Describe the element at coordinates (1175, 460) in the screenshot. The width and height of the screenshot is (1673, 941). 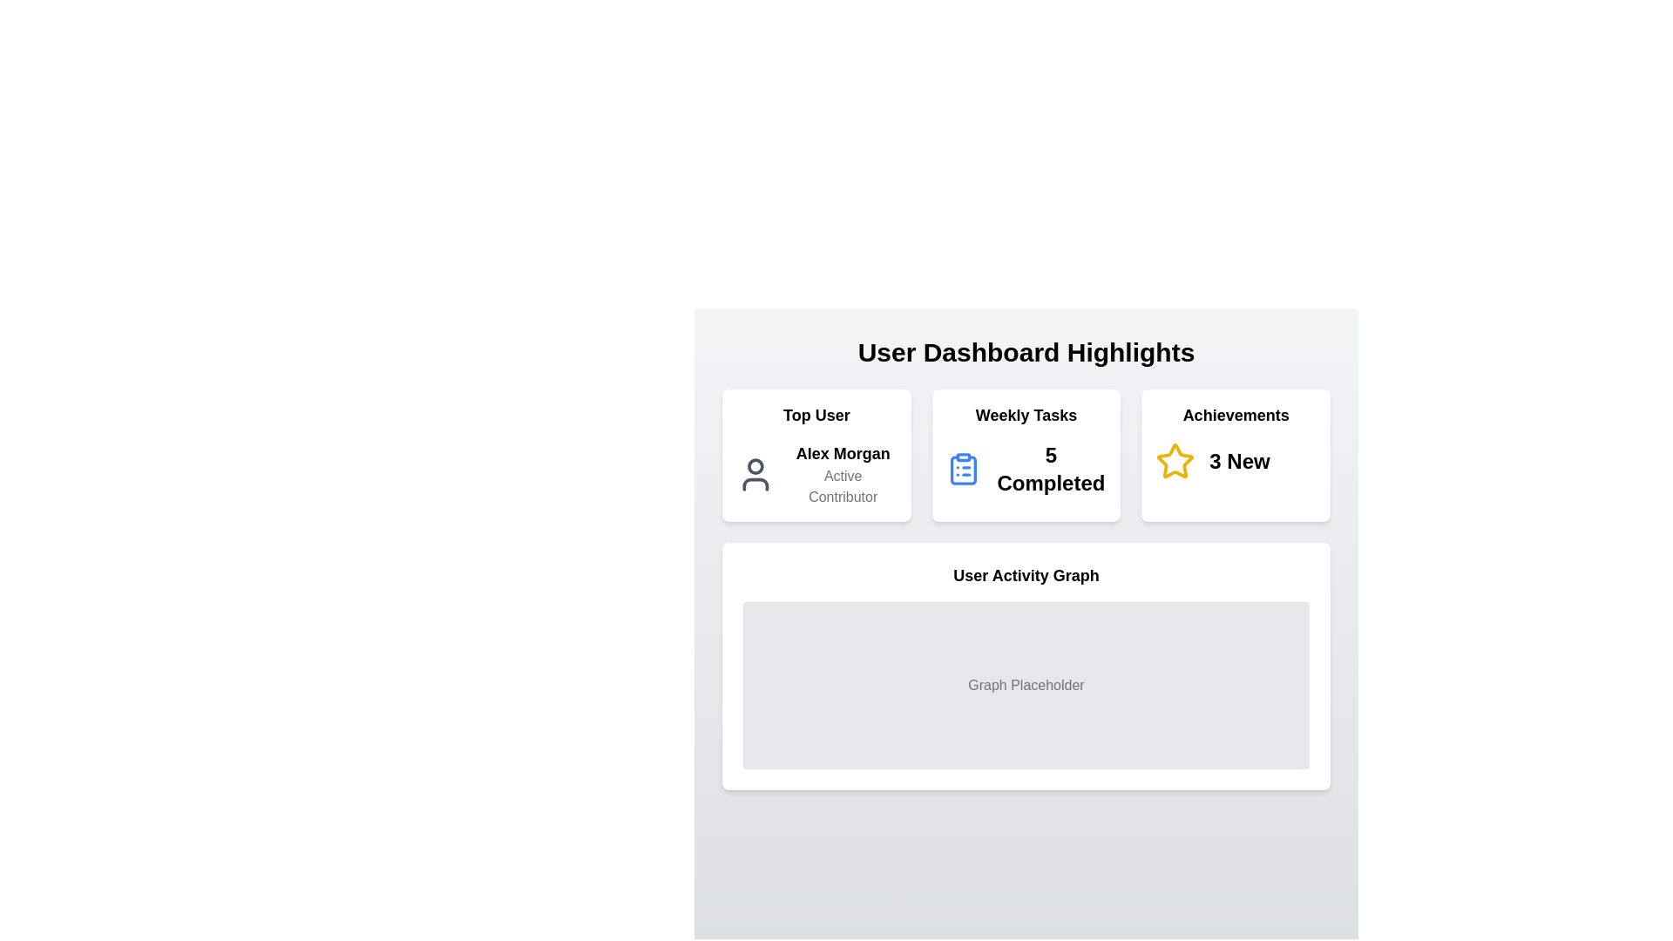
I see `the yellow star-shaped icon with a bold outline located in the 'Achievements' card on the dashboard, positioned to the left of the text '3 New'` at that location.